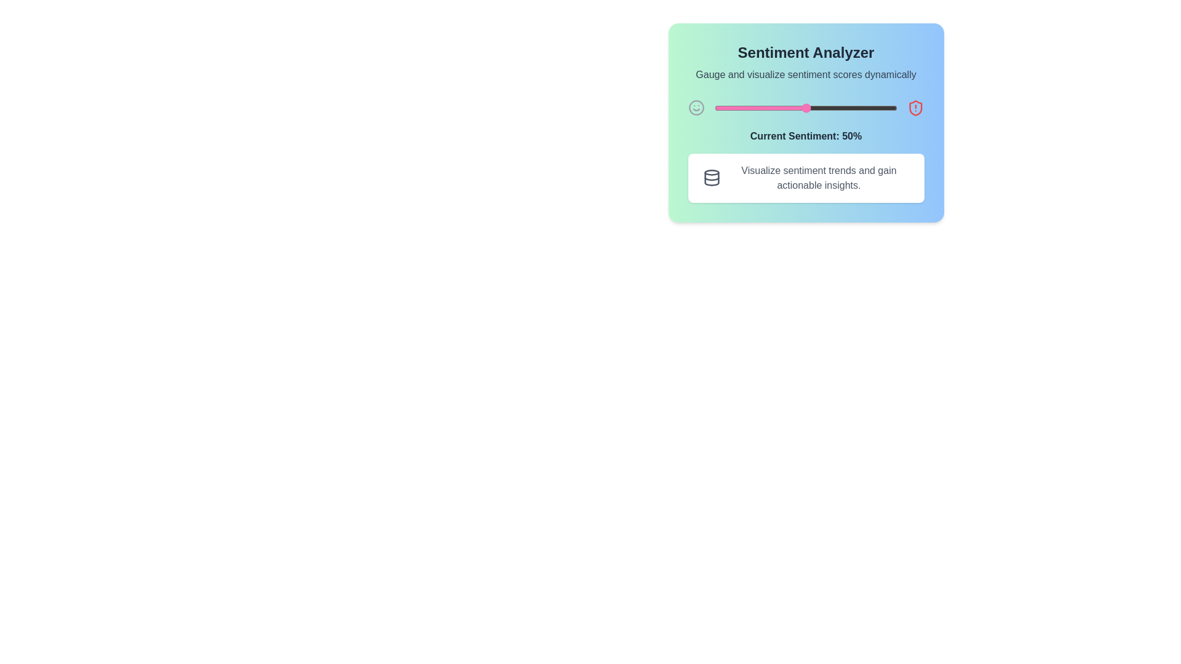 The width and height of the screenshot is (1181, 664). I want to click on the sentiment slider to set the sentiment value to 35, so click(778, 108).